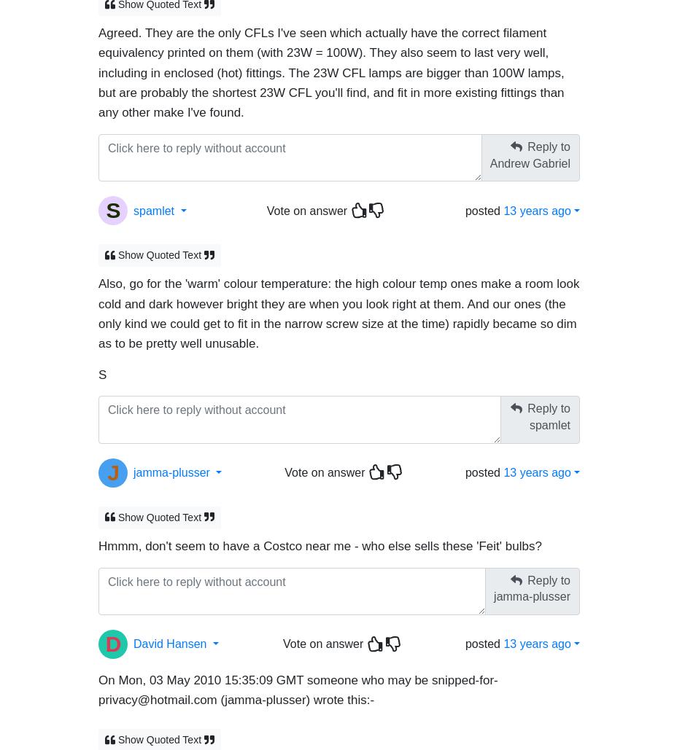  Describe the element at coordinates (98, 539) in the screenshot. I see `'Hmmm, don't seem to have a Costco near me - who else sells these 'Feit' bulbs?'` at that location.